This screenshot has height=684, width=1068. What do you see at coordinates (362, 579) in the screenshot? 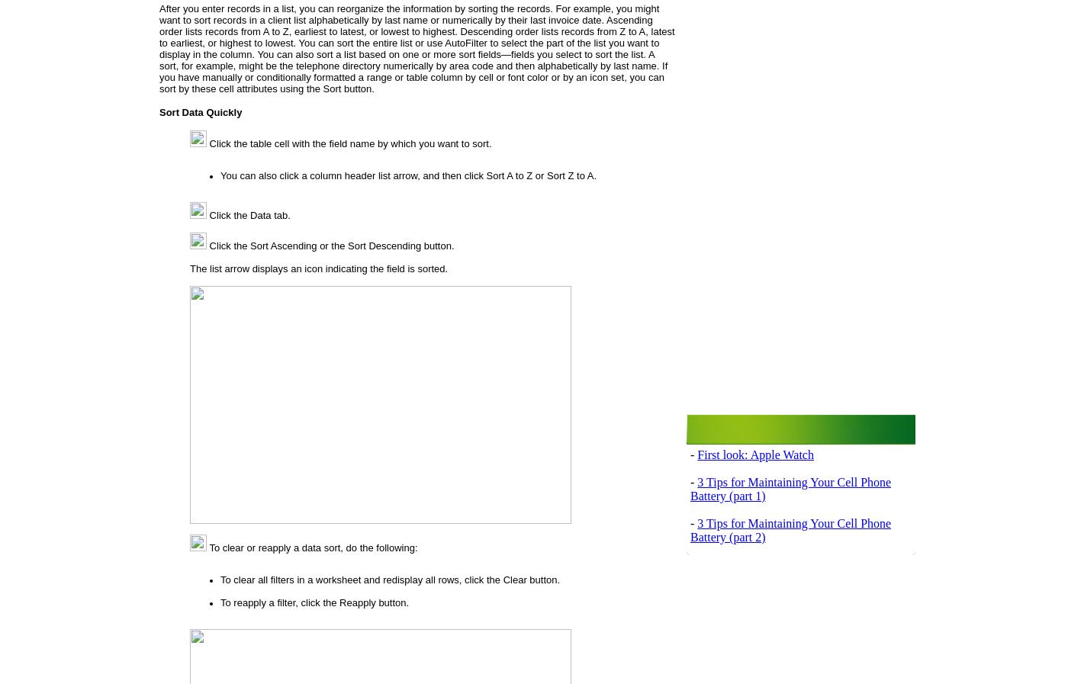
I see `'To clear all filters in a worksheet and redisplay all rows, click the'` at bounding box center [362, 579].